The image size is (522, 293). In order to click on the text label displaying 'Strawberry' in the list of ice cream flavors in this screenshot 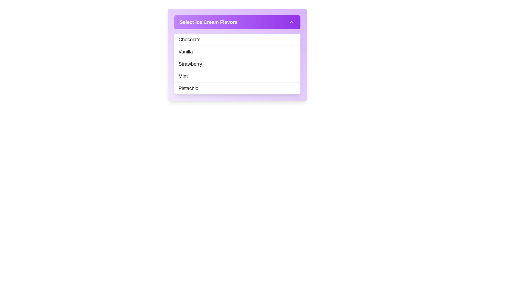, I will do `click(190, 63)`.